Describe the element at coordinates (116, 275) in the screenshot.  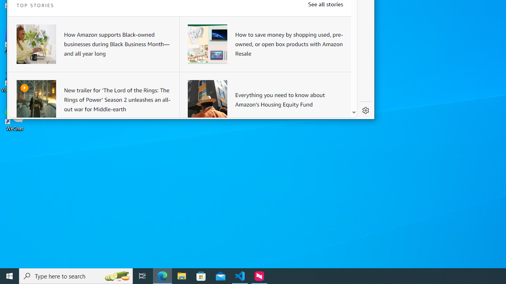
I see `'Search highlights icon opens search home window'` at that location.